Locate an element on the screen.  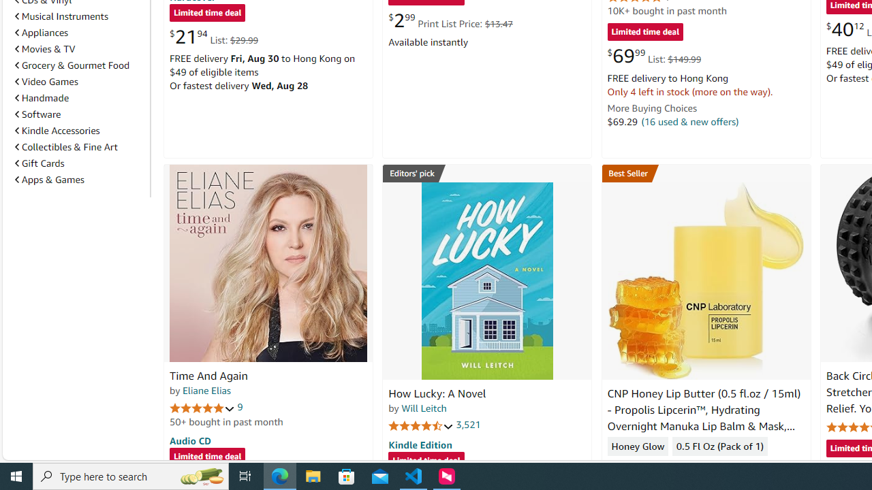
'Gift Cards' is located at coordinates (40, 163).